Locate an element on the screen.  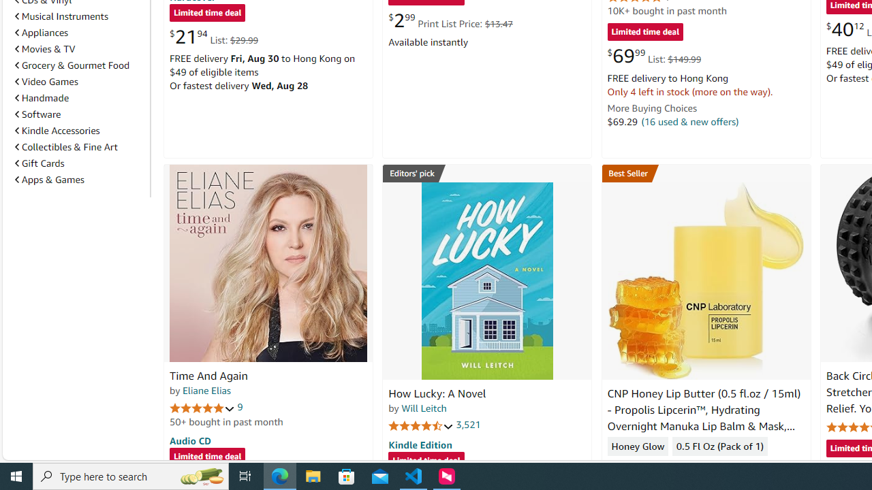
'Gift Cards' is located at coordinates (40, 163).